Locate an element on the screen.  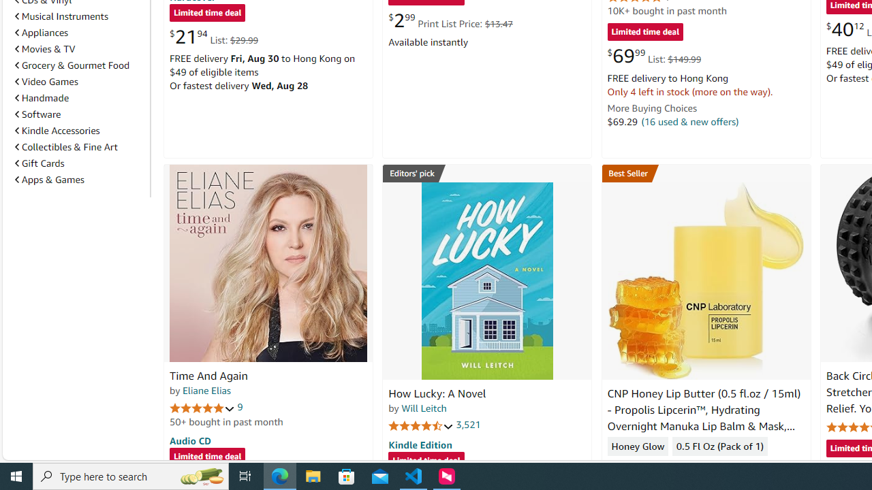
'Gift Cards' is located at coordinates (40, 163).